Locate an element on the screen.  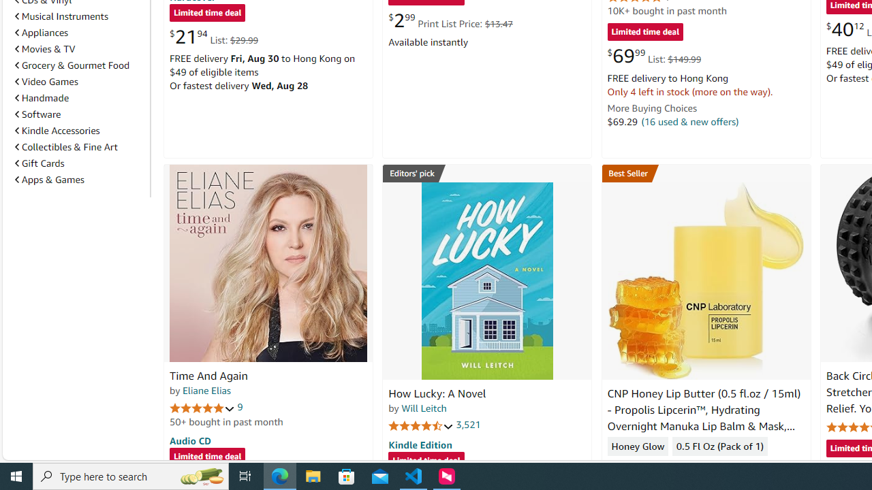
'Gift Cards' is located at coordinates (40, 163).